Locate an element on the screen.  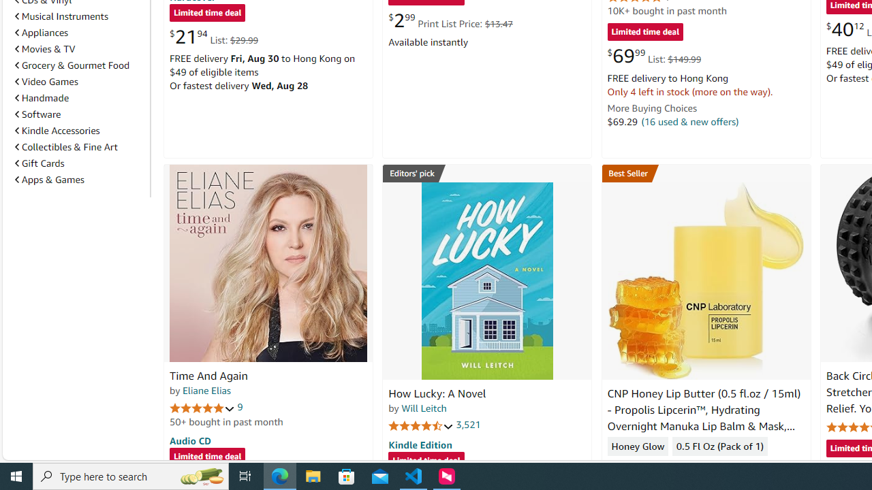
'Gift Cards' is located at coordinates (40, 163).